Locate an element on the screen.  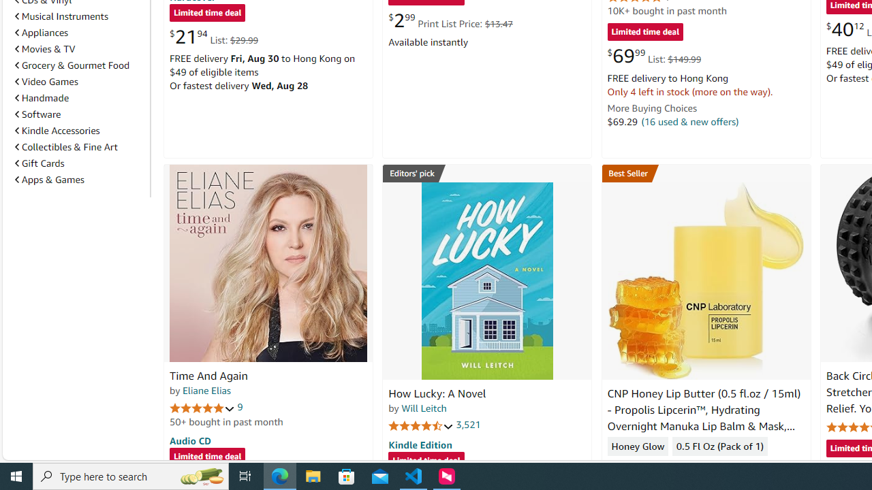
'Gift Cards' is located at coordinates (40, 163).